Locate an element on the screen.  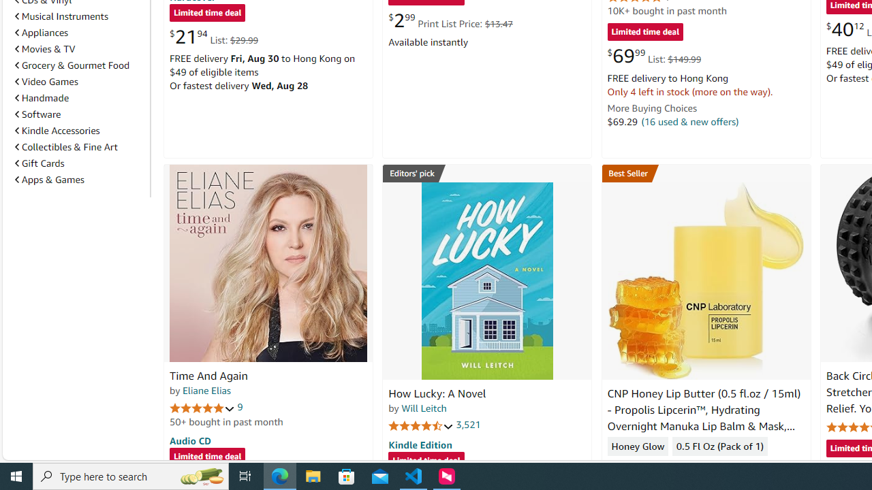
'Gift Cards' is located at coordinates (40, 163).